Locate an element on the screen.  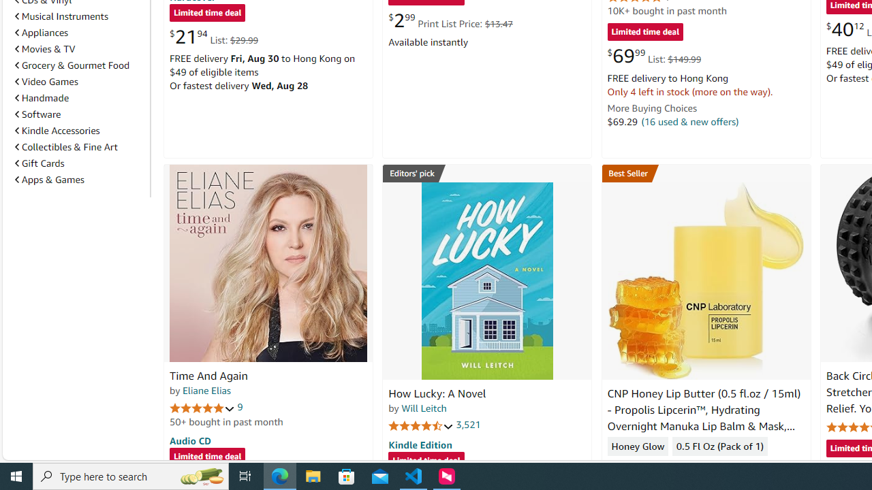
'Gift Cards' is located at coordinates (40, 163).